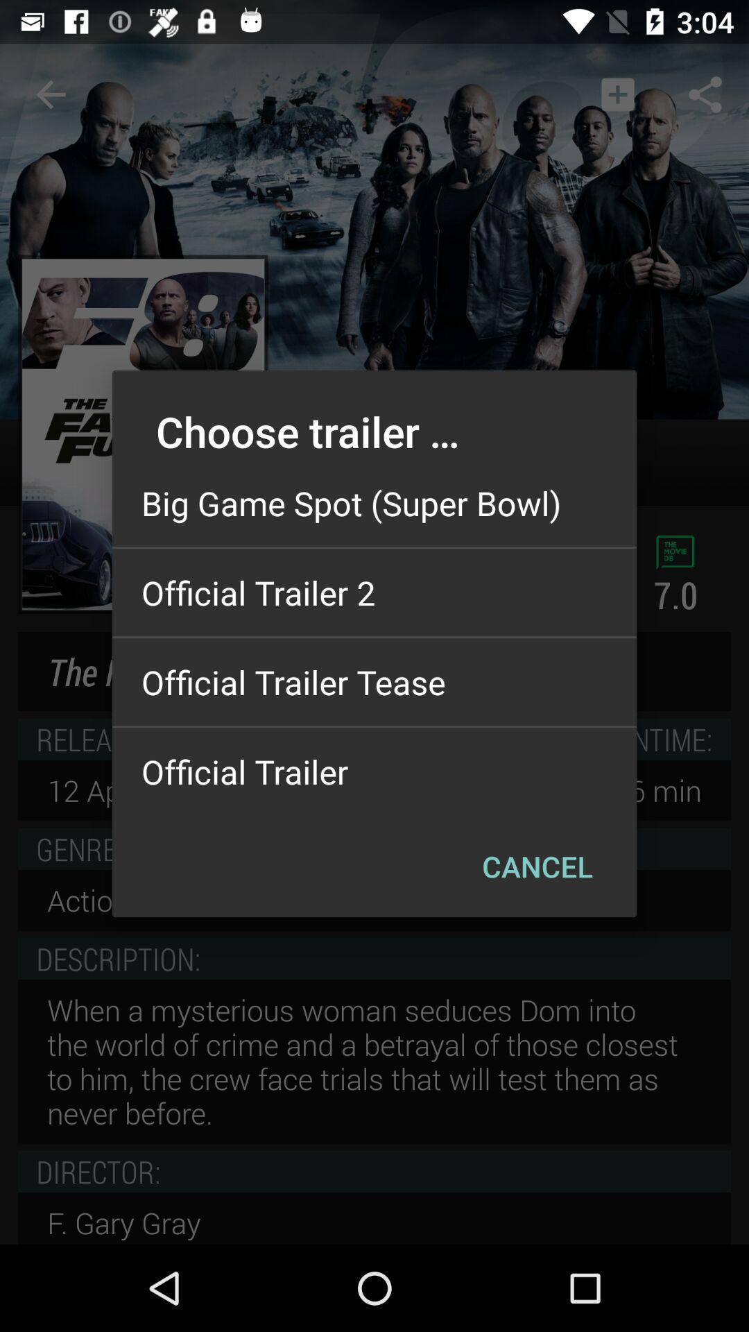  Describe the element at coordinates (374, 502) in the screenshot. I see `icon above official trailer 2 icon` at that location.